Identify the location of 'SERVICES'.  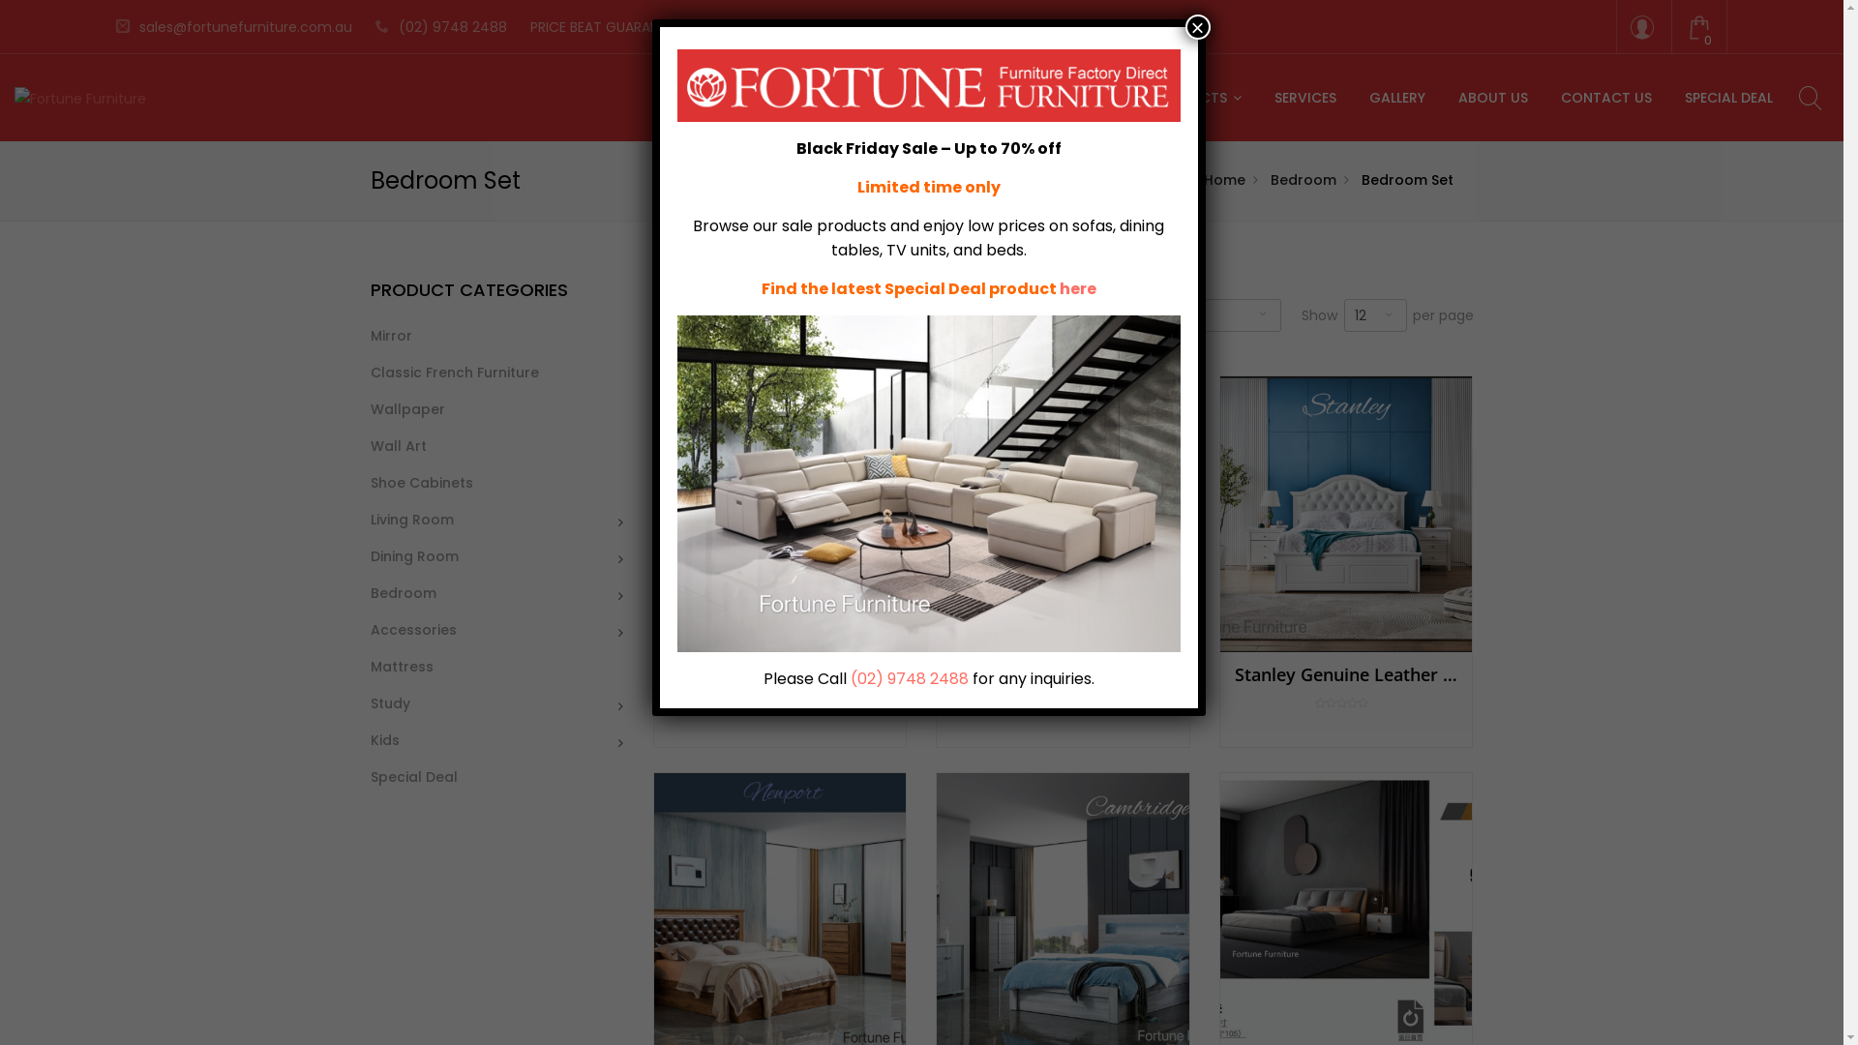
(1304, 97).